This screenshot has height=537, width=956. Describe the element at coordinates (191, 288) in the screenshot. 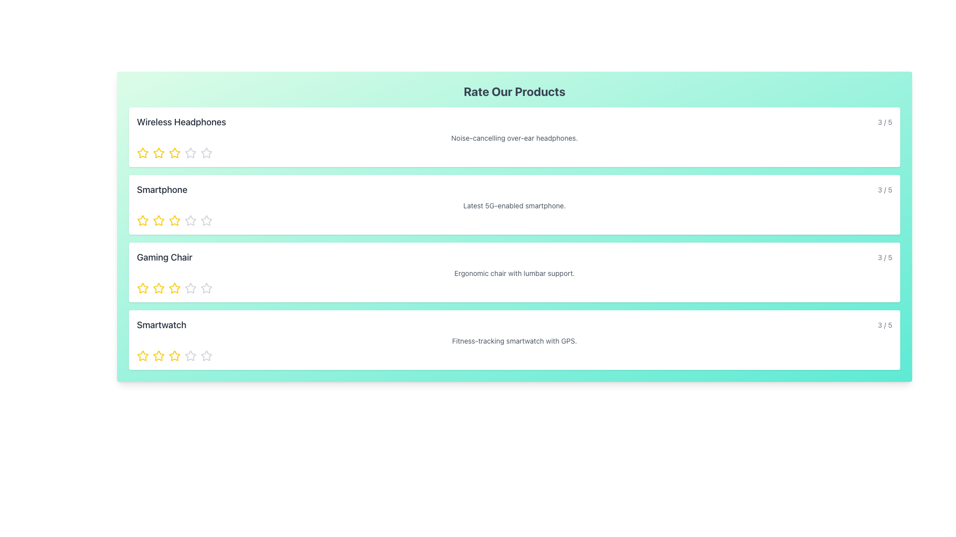

I see `the fourth star icon in the five-star rating system for the 'Gaming Chair' section` at that location.